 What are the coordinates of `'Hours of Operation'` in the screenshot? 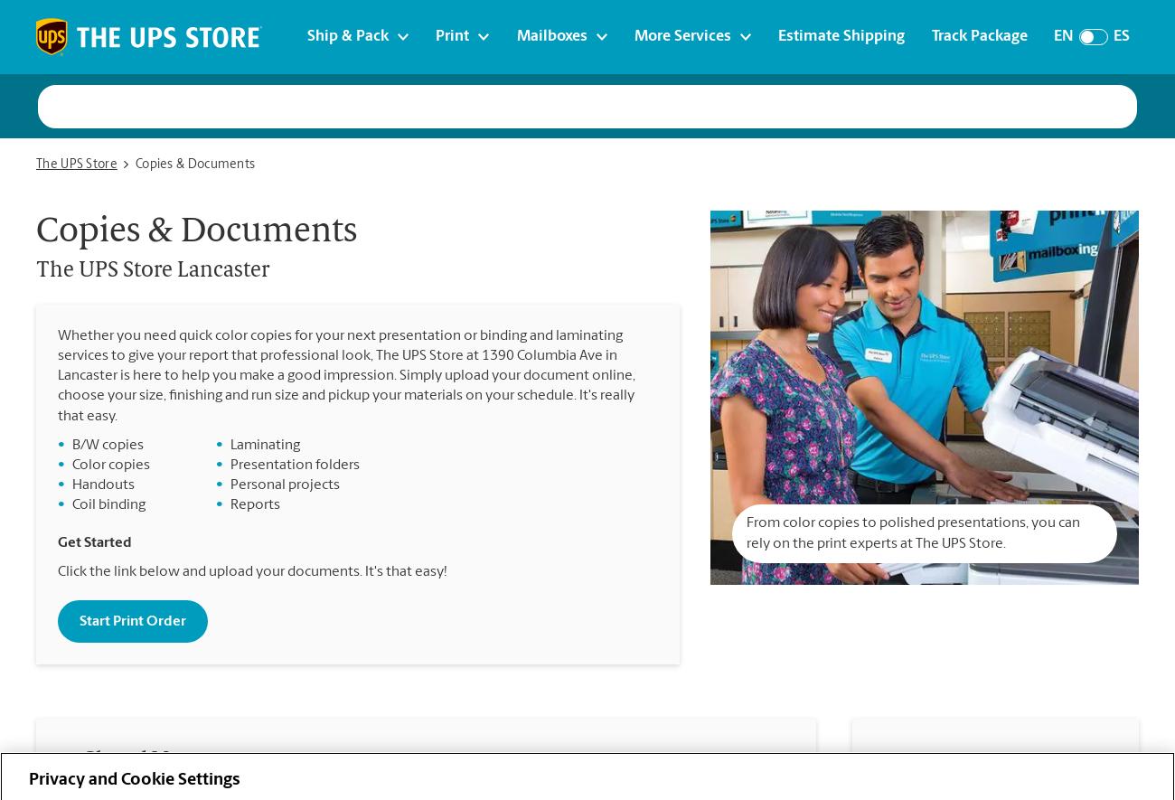 It's located at (888, 768).